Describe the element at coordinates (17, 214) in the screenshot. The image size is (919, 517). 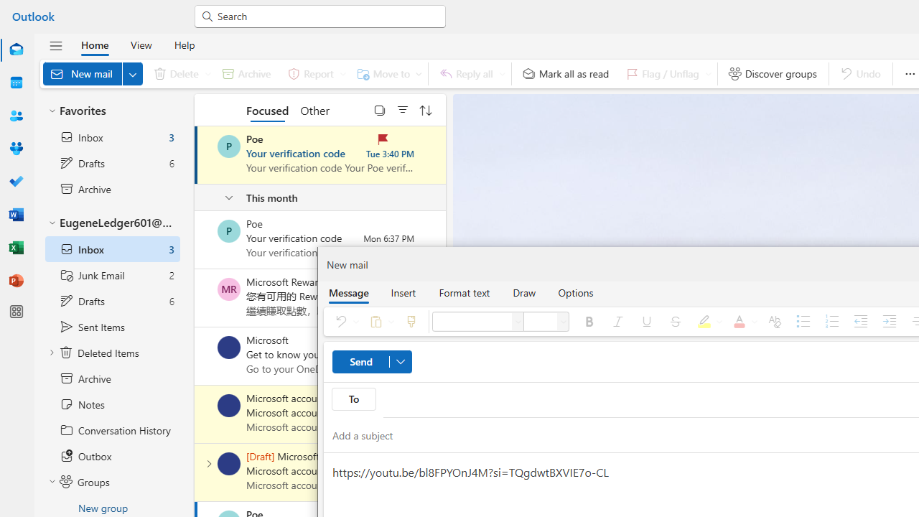
I see `'Word'` at that location.